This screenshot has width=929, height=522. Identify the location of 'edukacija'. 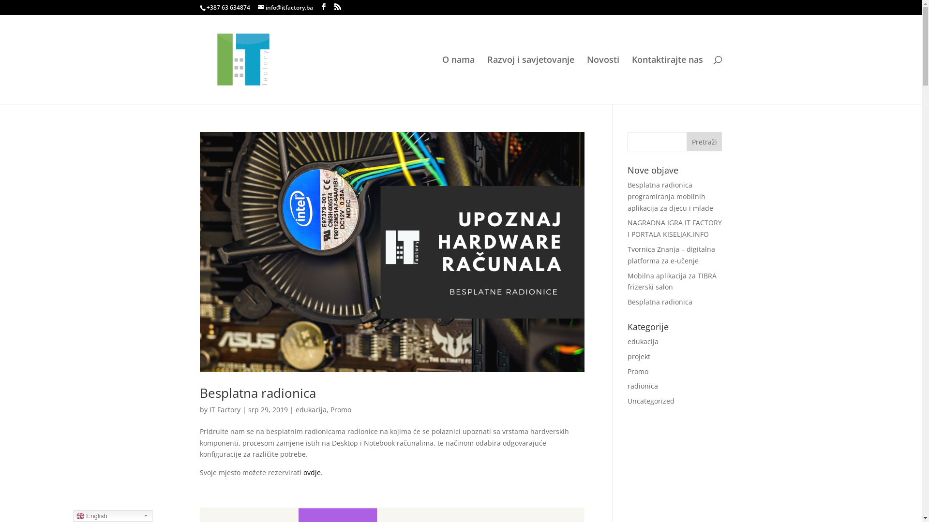
(643, 341).